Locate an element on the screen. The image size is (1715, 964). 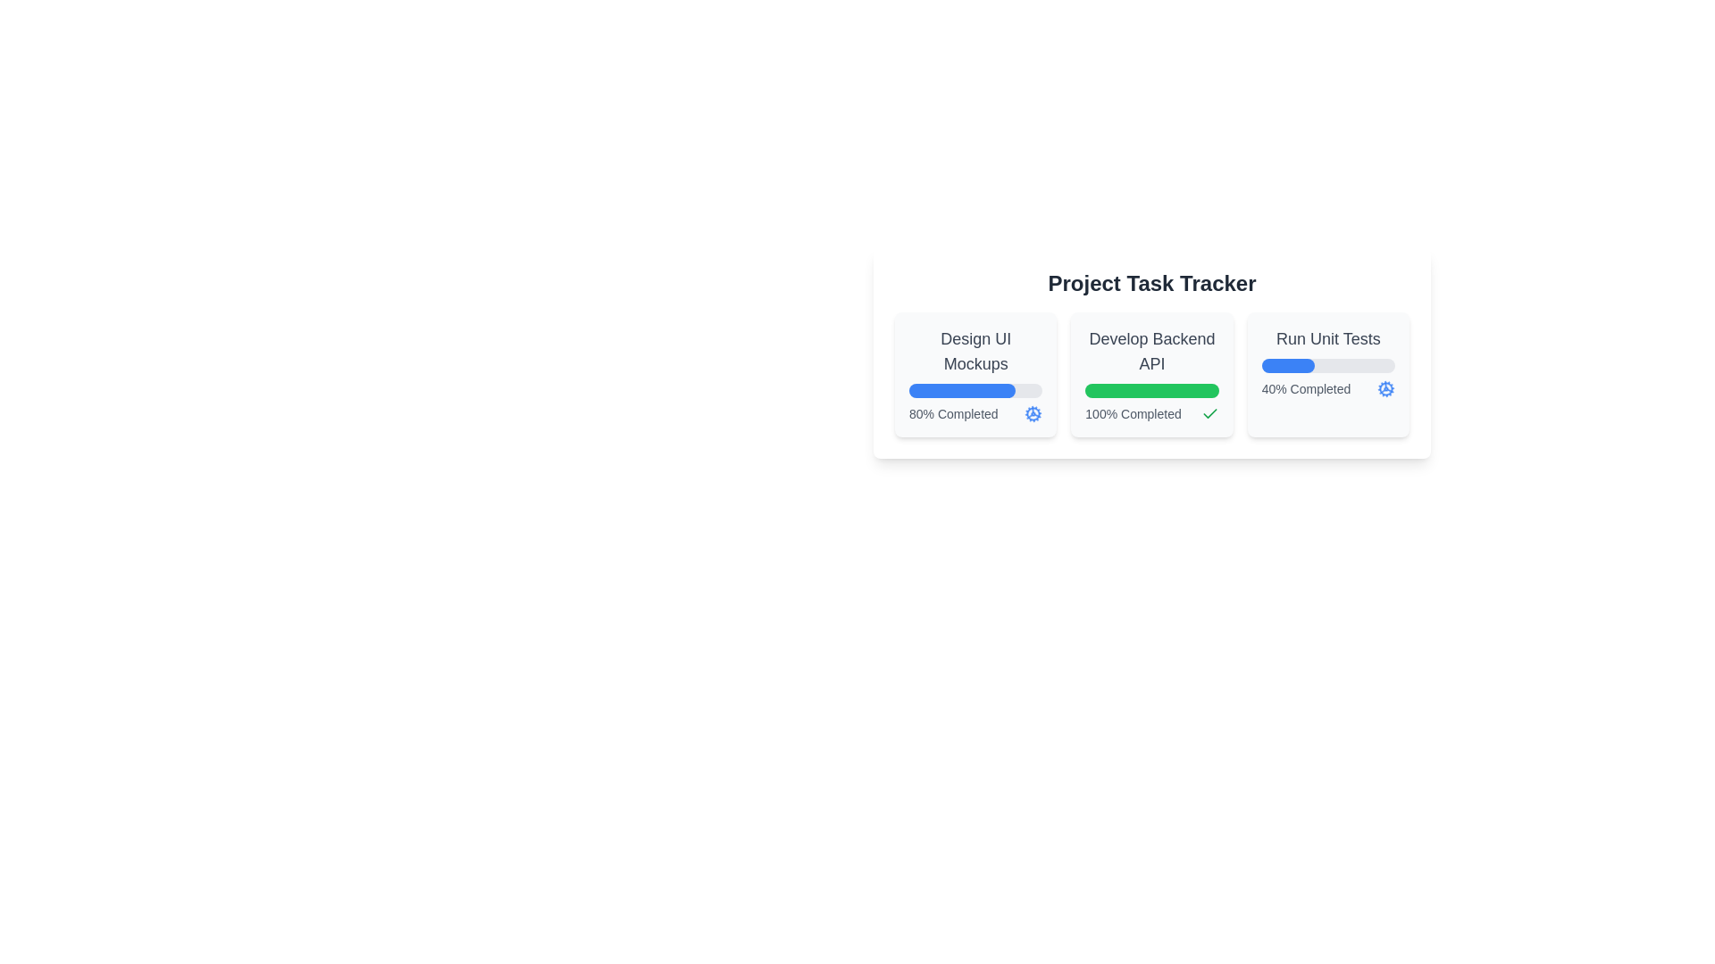
text label that serves as the main title or header for the section above the grid layout containing sub-items such as 'Design UI Mockups', 'Develop Backend API', and 'Run Unit Tests' is located at coordinates (1152, 282).